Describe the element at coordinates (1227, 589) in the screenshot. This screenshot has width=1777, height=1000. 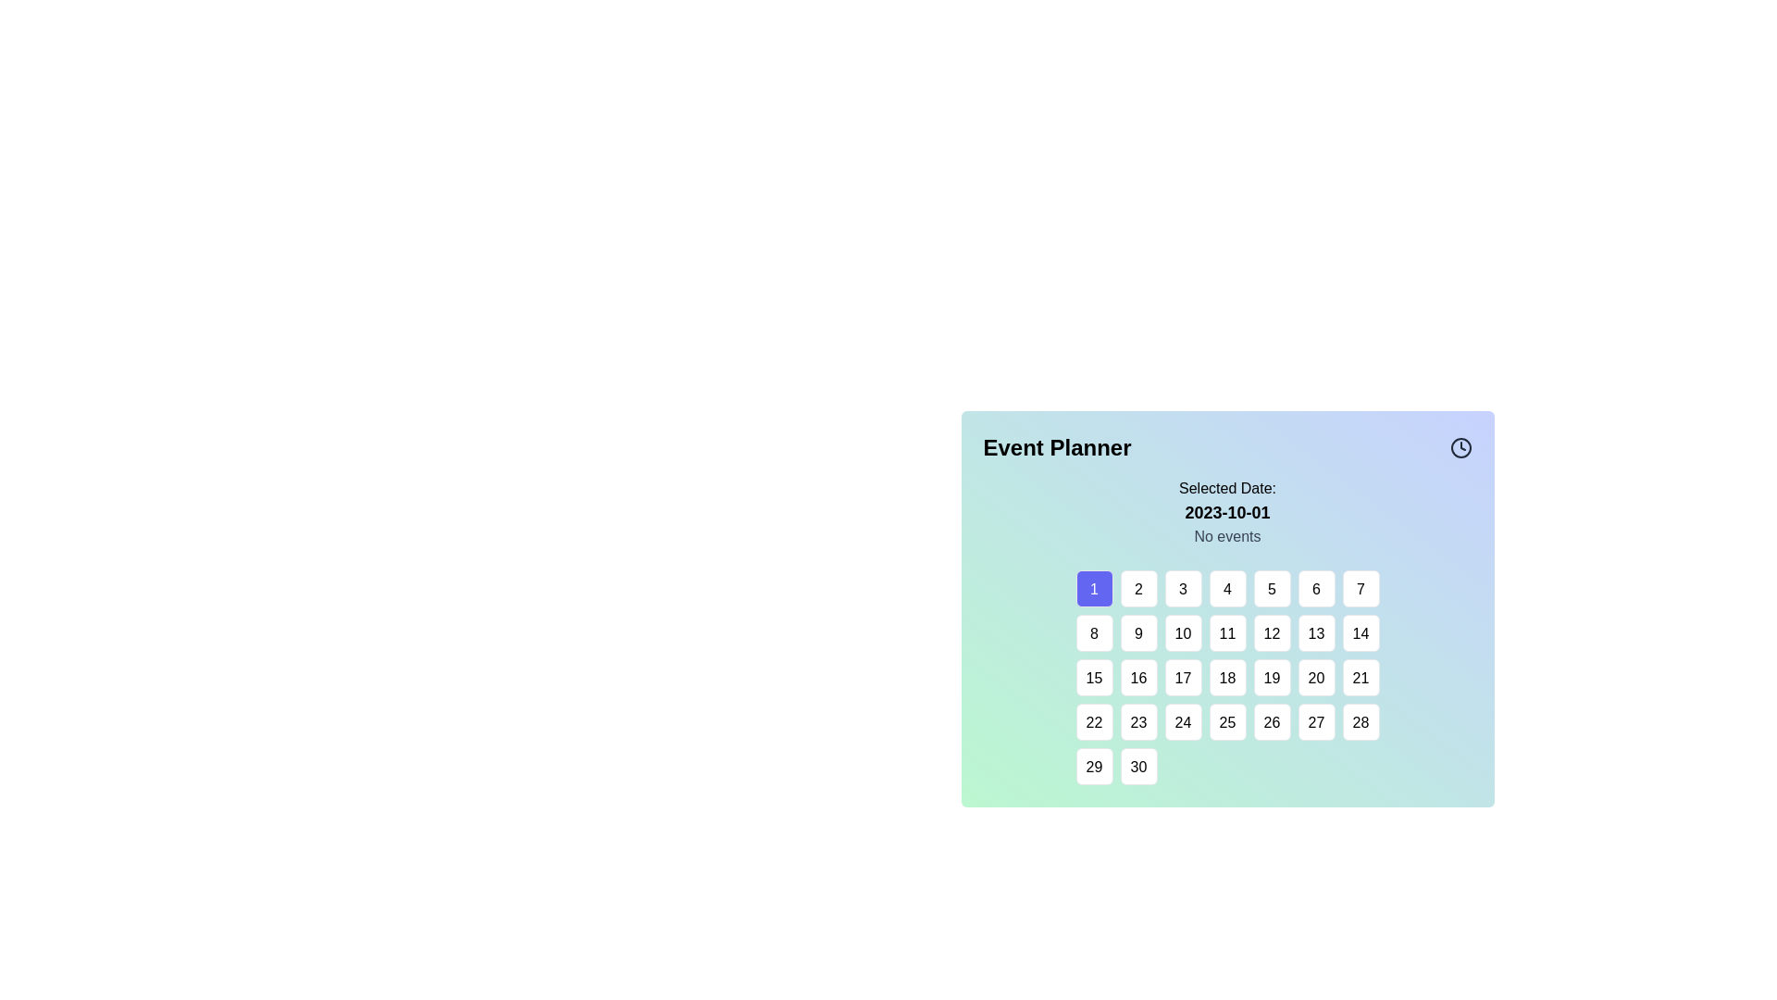
I see `the button representing the date '4' in the calendar interface` at that location.